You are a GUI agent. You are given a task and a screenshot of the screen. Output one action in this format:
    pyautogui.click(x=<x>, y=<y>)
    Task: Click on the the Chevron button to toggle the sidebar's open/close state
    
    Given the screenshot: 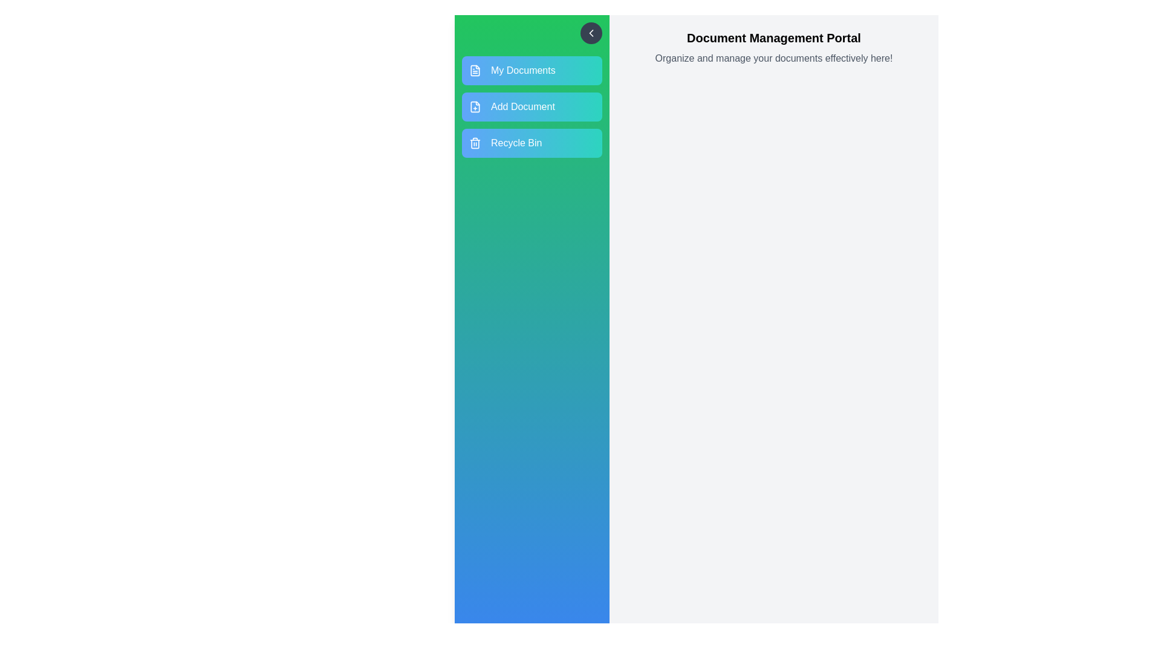 What is the action you would take?
    pyautogui.click(x=591, y=32)
    